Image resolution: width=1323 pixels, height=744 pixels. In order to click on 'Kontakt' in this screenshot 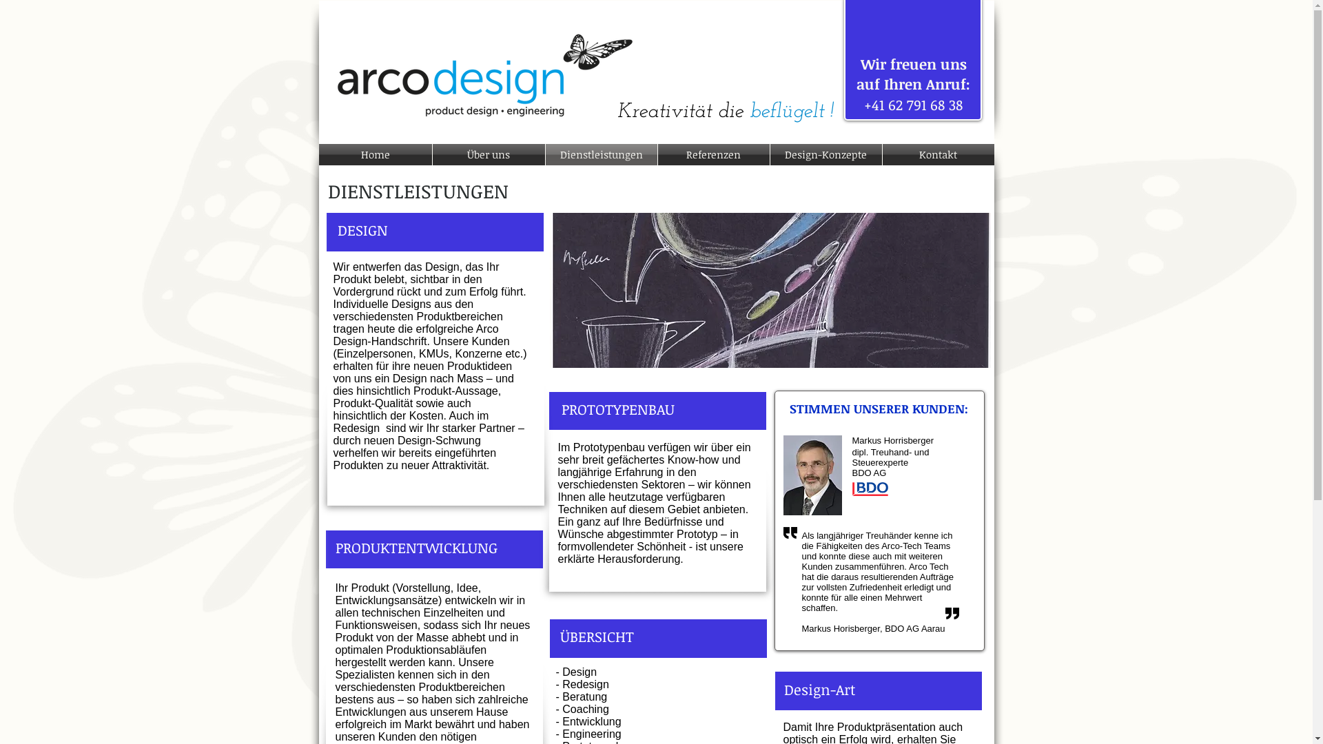, I will do `click(937, 154)`.